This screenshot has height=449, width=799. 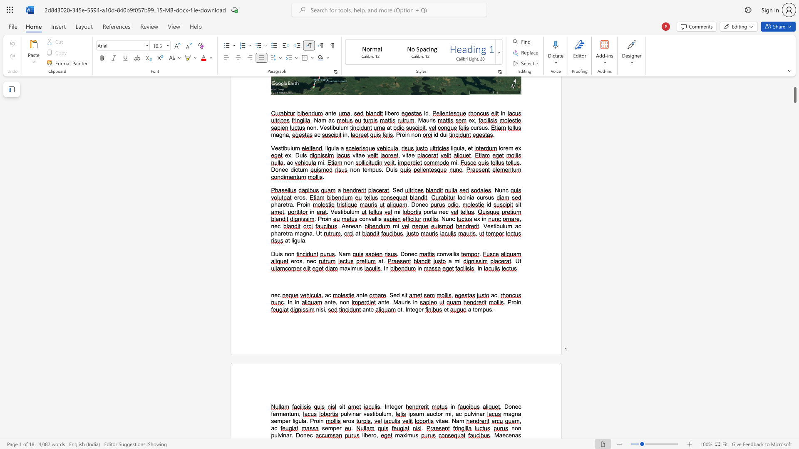 I want to click on the 1th character "l" in the text, so click(x=278, y=435).